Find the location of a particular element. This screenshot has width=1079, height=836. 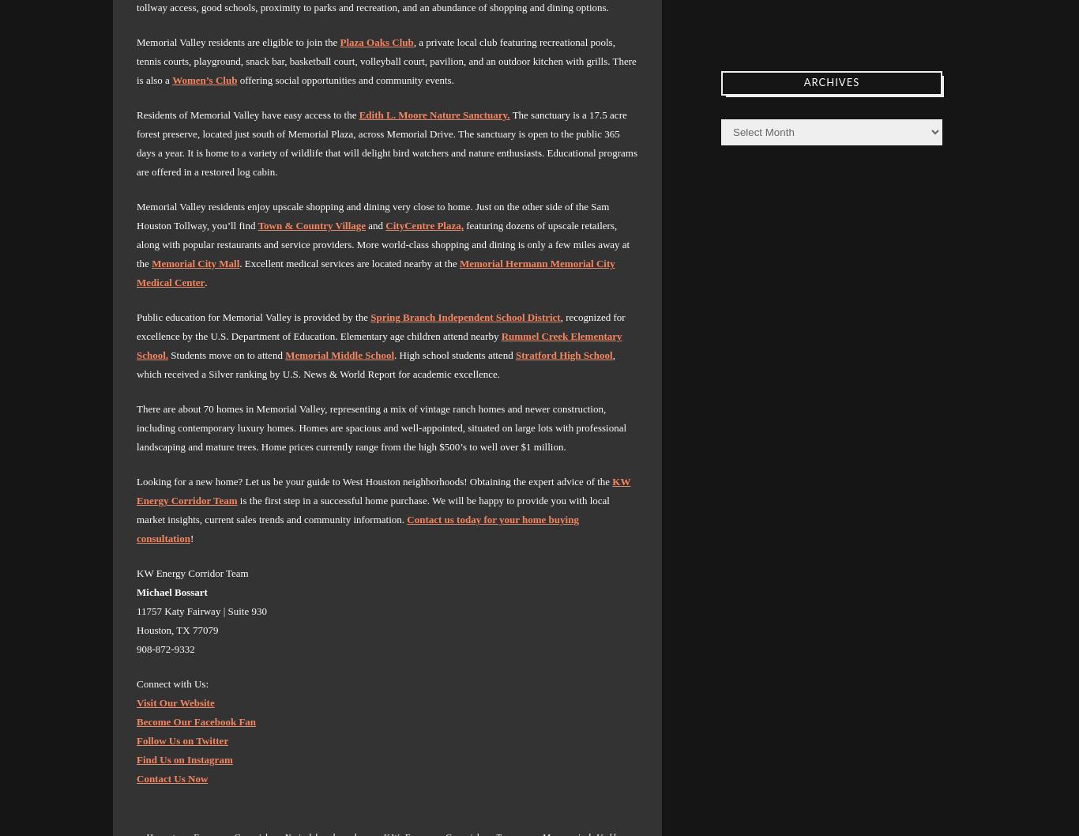

'is the first step in a successful home purchase. We will be happy to provide you with local market insights, current sales trends and community information.' is located at coordinates (135, 509).